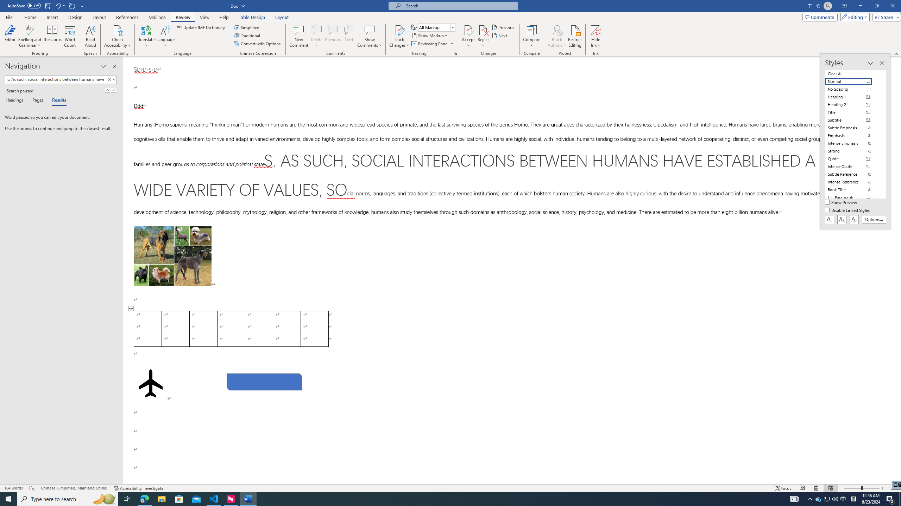 Image resolution: width=901 pixels, height=506 pixels. What do you see at coordinates (468, 30) in the screenshot?
I see `'Accept and Move to Next'` at bounding box center [468, 30].